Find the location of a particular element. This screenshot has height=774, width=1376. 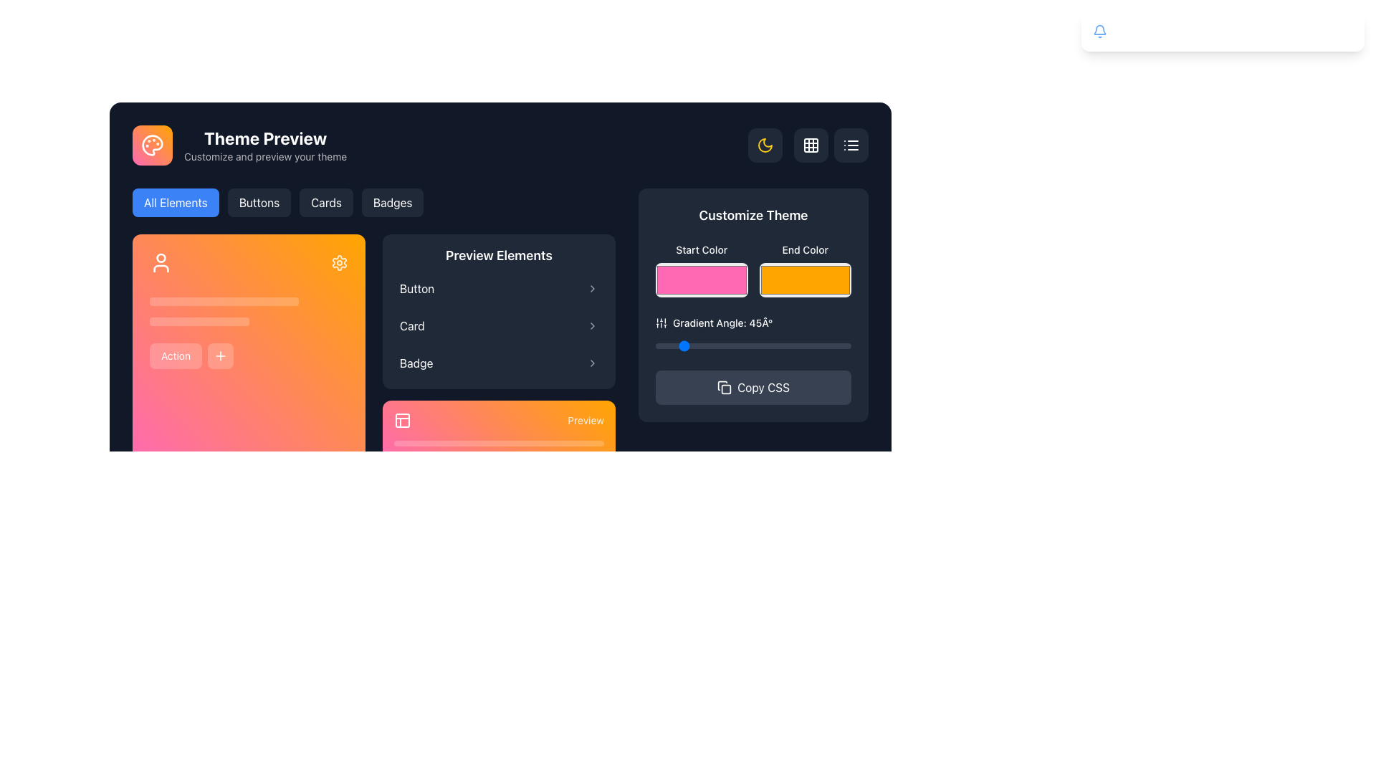

the 'End Color' color picker located in the 'Customize Theme' section is located at coordinates (805, 271).